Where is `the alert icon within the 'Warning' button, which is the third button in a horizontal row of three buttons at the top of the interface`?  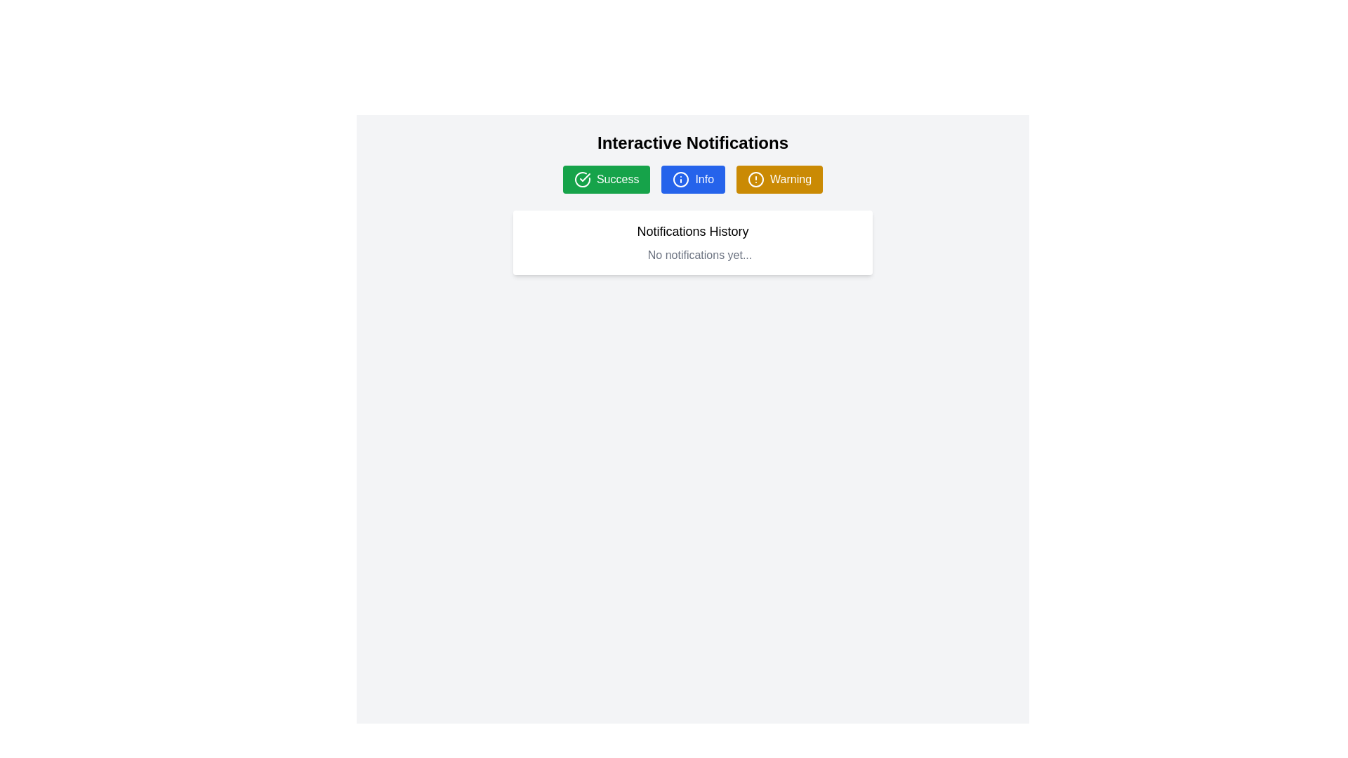
the alert icon within the 'Warning' button, which is the third button in a horizontal row of three buttons at the top of the interface is located at coordinates (755, 178).